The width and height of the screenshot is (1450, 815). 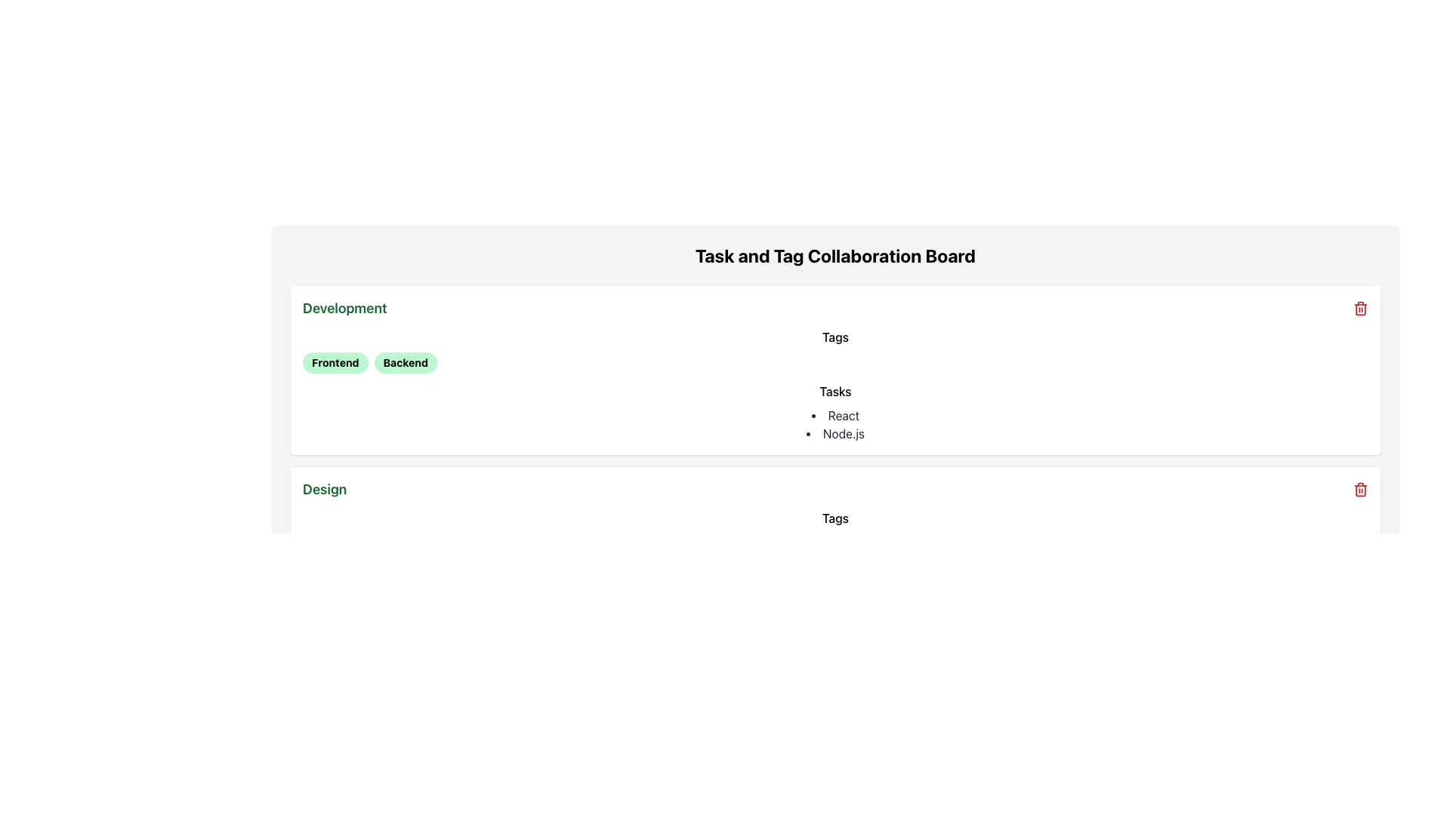 What do you see at coordinates (835, 413) in the screenshot?
I see `the 'React' item within the Content Block located in the 'Development' section` at bounding box center [835, 413].